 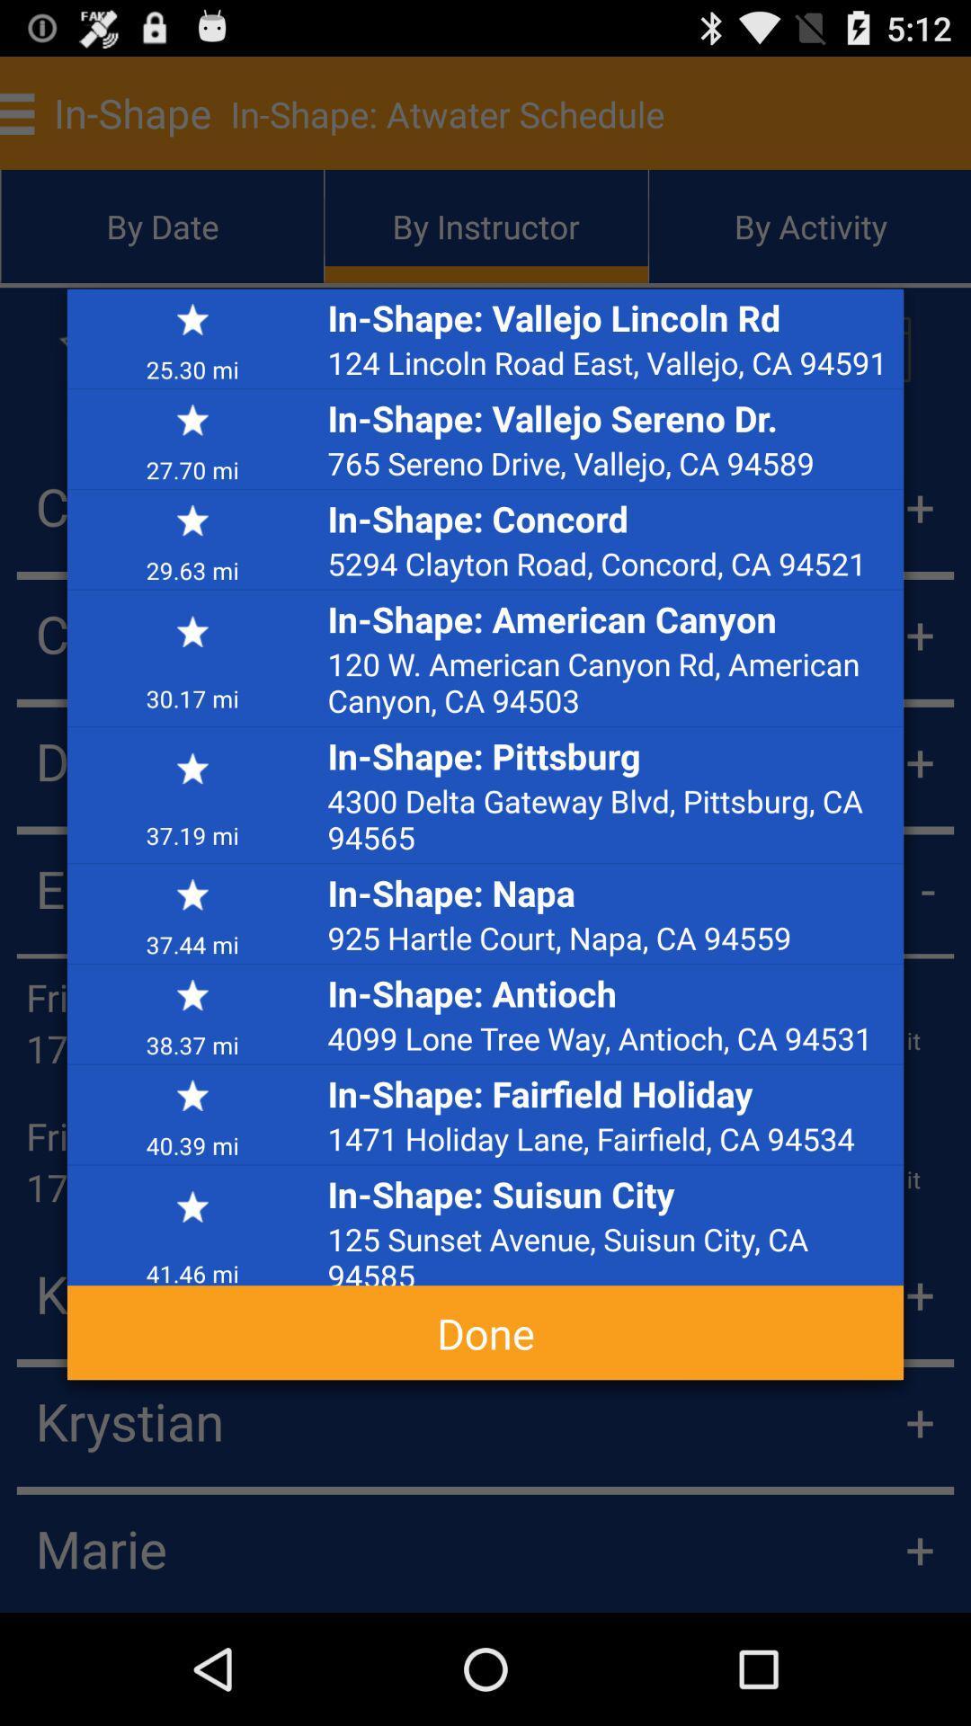 I want to click on 41.46 mi app, so click(x=192, y=1265).